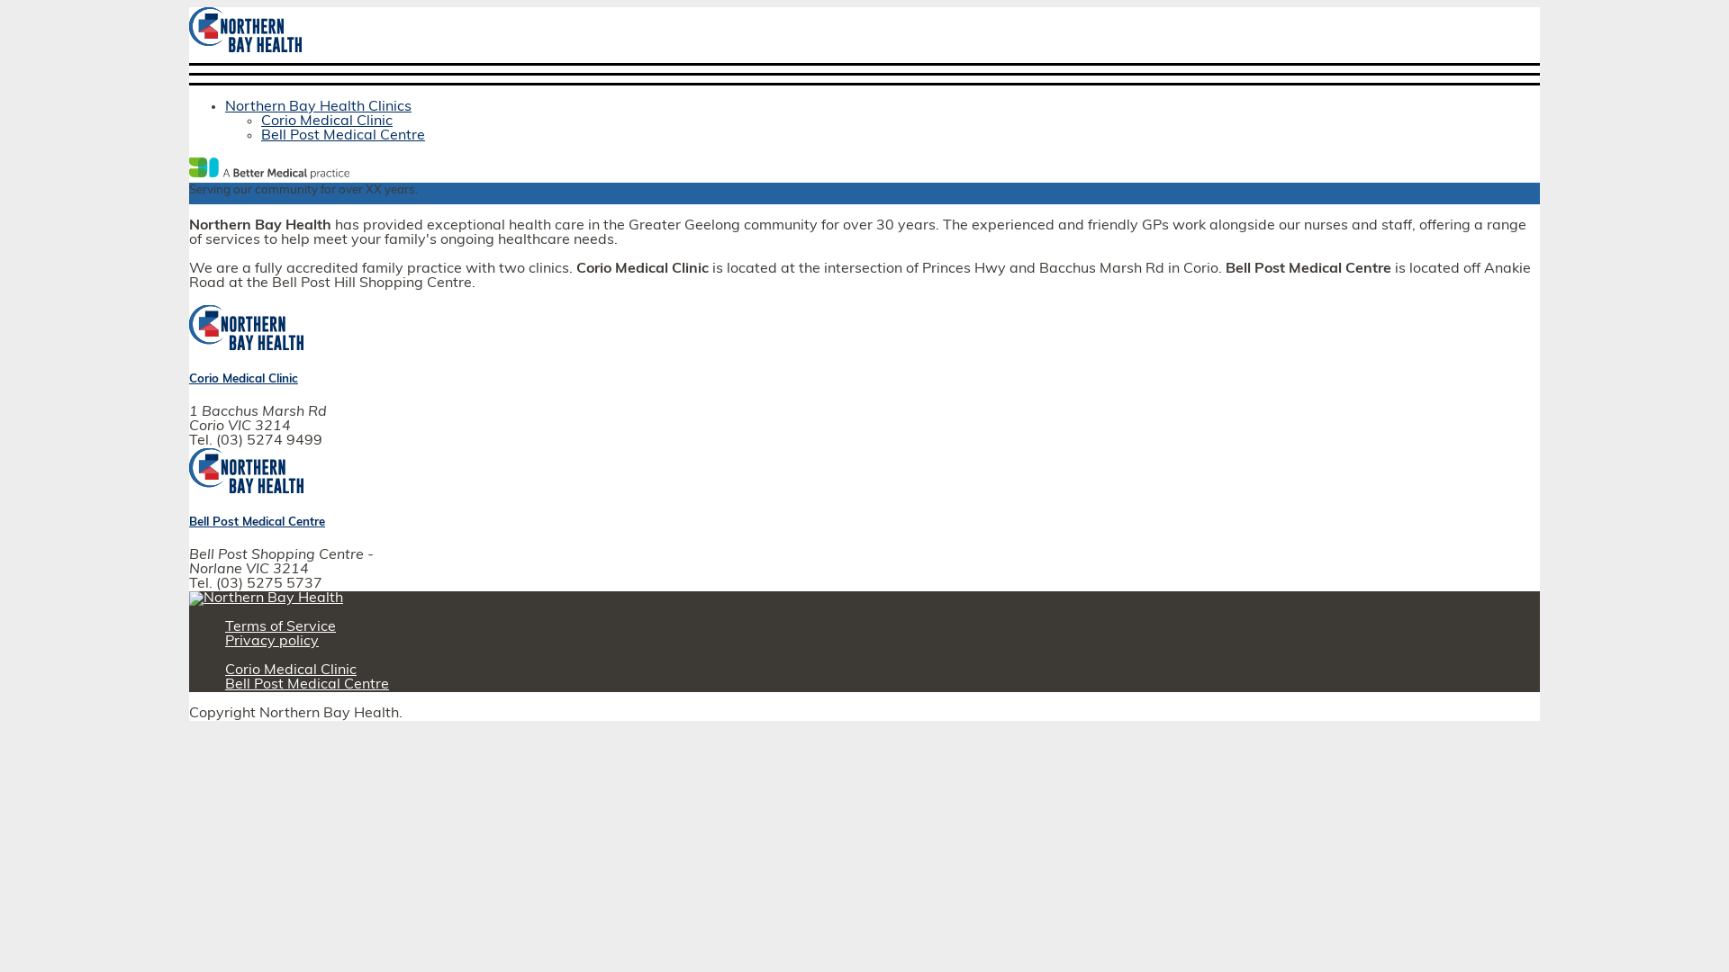 The image size is (1729, 972). What do you see at coordinates (242, 378) in the screenshot?
I see `'Corio Medical Clinic'` at bounding box center [242, 378].